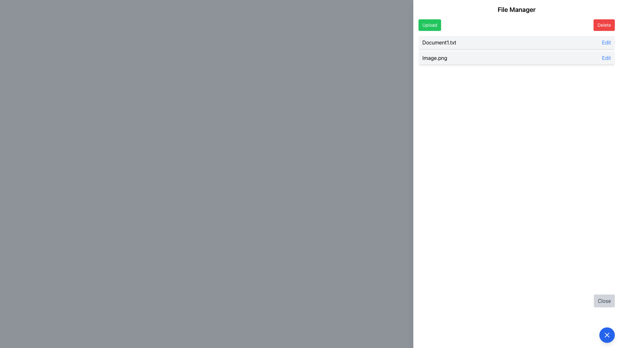 The height and width of the screenshot is (348, 620). I want to click on the button located at the bottom-right corner of the 'File Manager' panel, so click(516, 301).